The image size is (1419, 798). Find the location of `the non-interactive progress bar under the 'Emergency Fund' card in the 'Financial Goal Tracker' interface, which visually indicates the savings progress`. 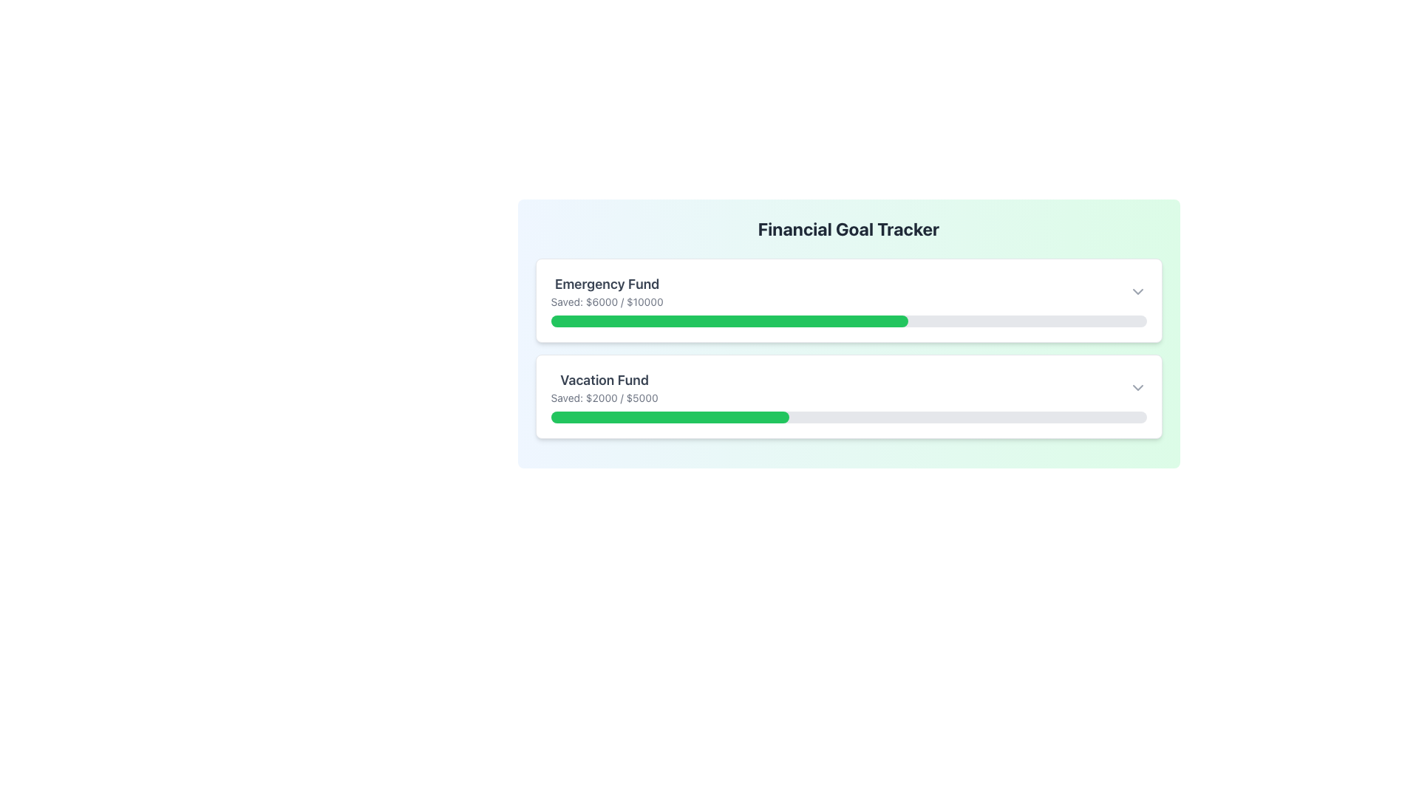

the non-interactive progress bar under the 'Emergency Fund' card in the 'Financial Goal Tracker' interface, which visually indicates the savings progress is located at coordinates (848, 321).